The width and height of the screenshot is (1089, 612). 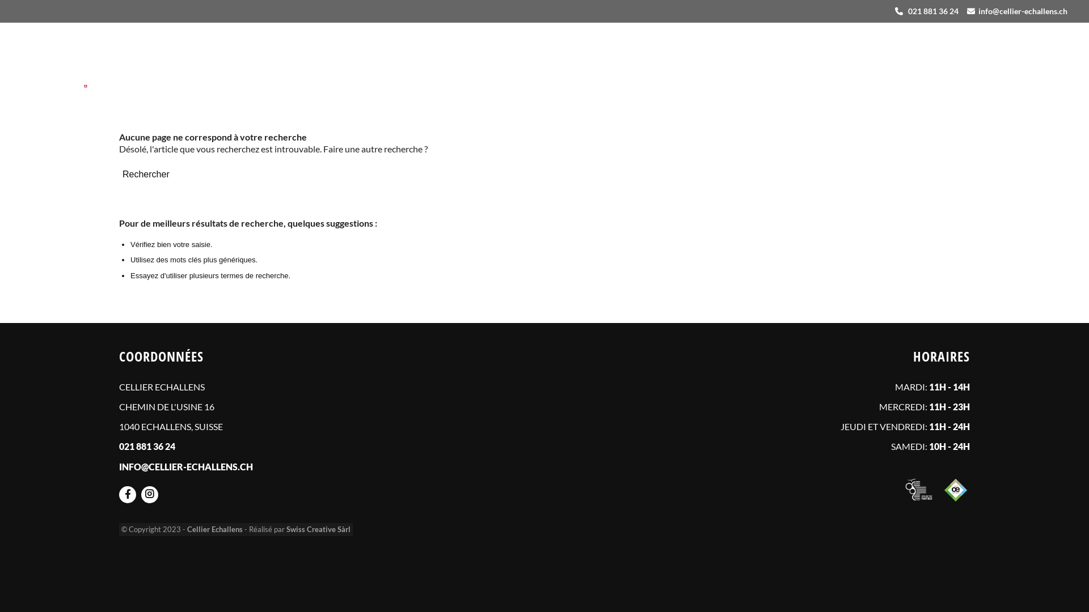 I want to click on 'logo-2023', so click(x=54, y=58).